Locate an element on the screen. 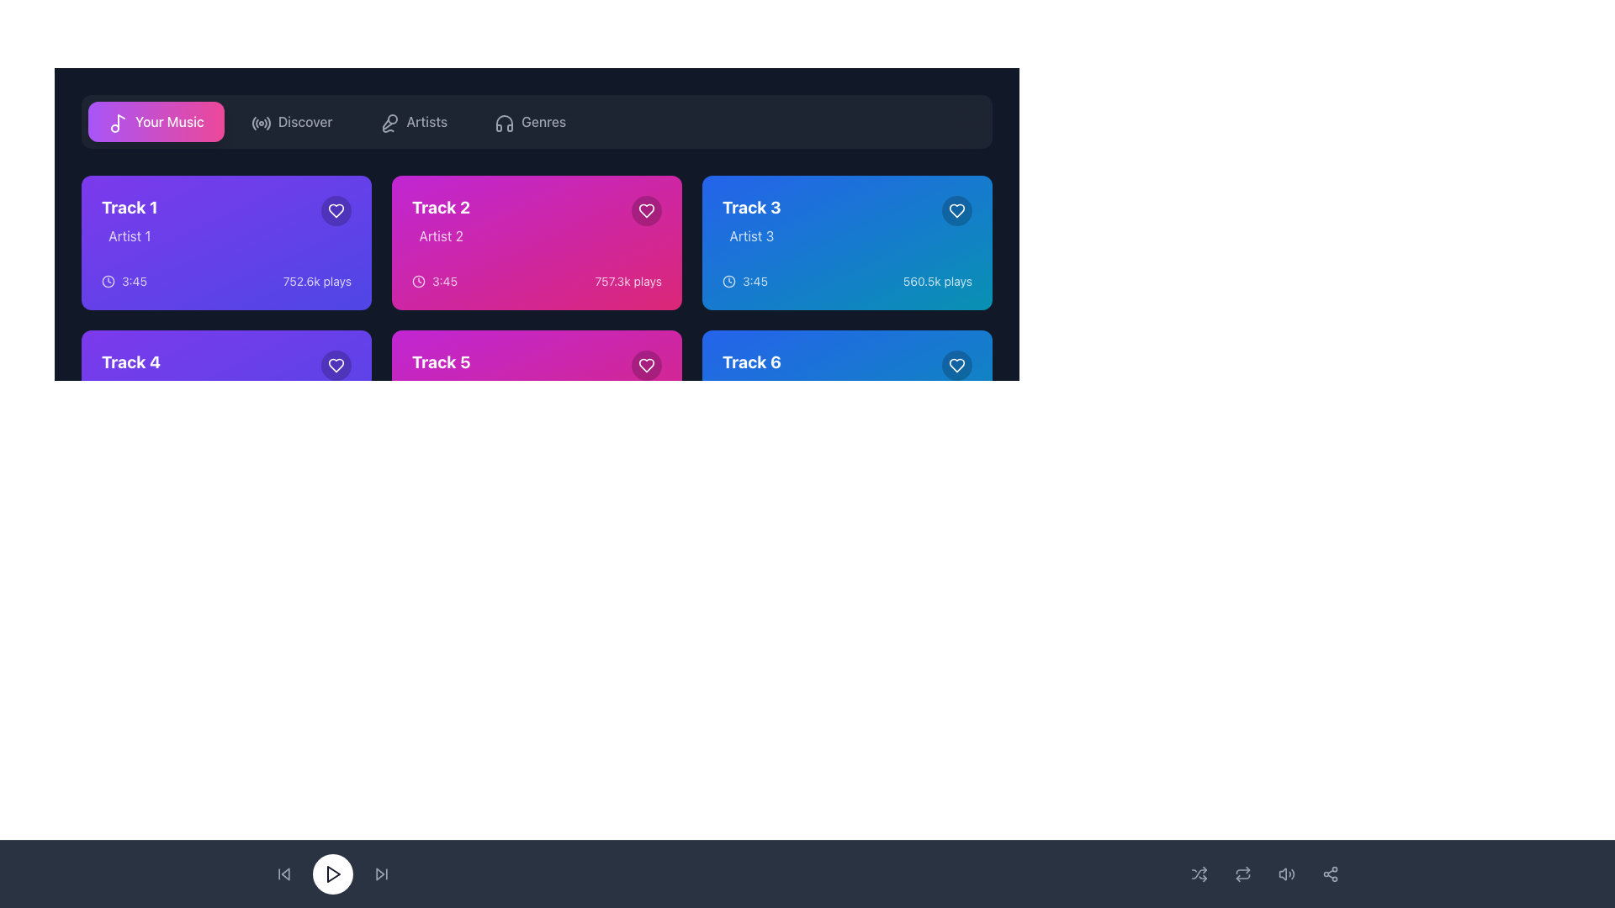  the music track card located in the second row of the grid layout is located at coordinates (225, 375).